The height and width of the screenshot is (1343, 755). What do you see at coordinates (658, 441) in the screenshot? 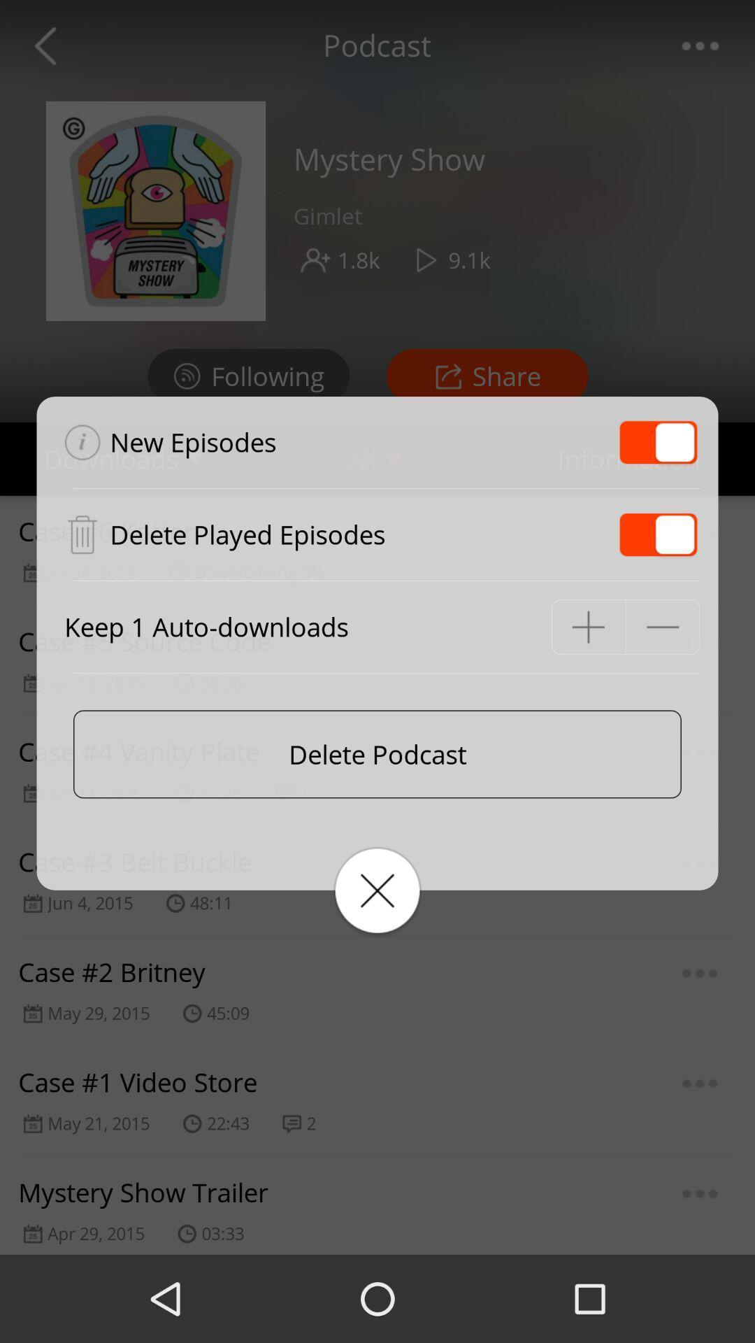
I see `item next to the new episodes` at bounding box center [658, 441].